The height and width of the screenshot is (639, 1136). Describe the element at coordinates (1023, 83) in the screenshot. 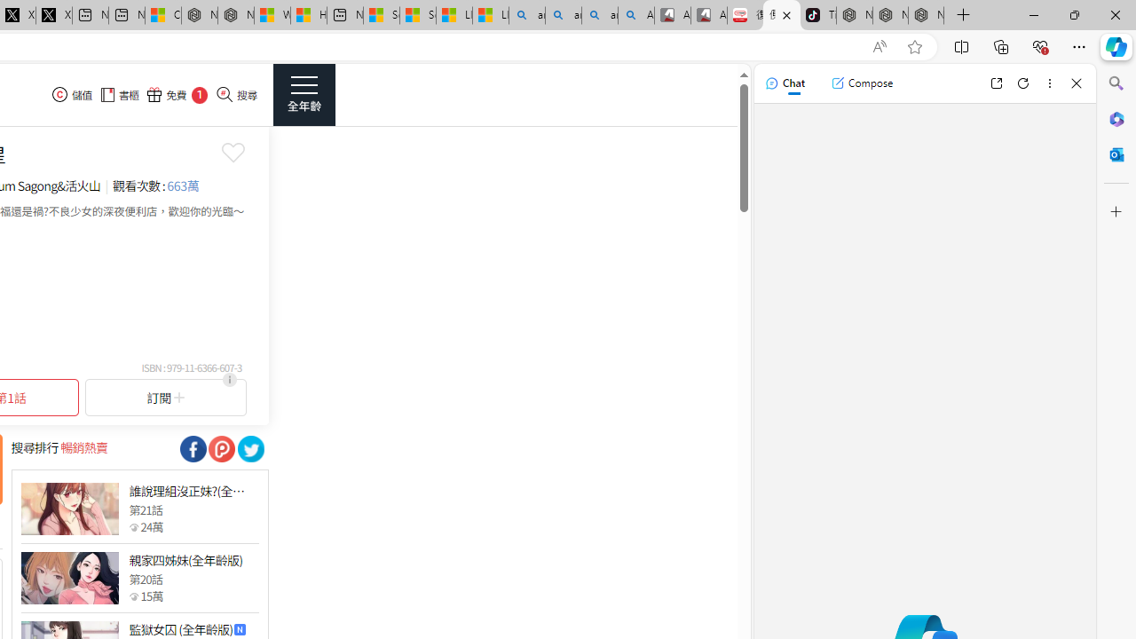

I see `'Refresh'` at that location.